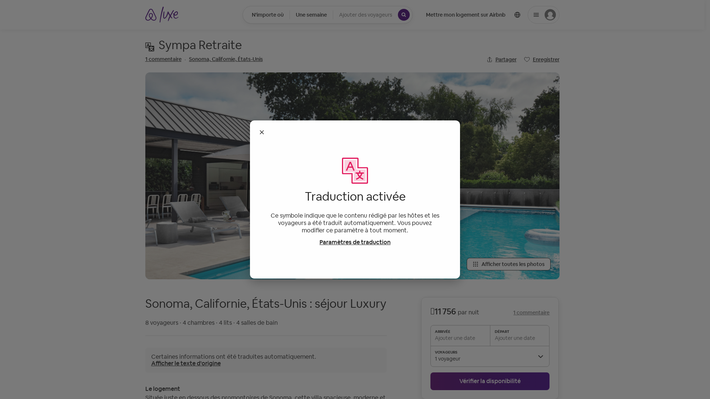  I want to click on '1 commentaire', so click(163, 58).